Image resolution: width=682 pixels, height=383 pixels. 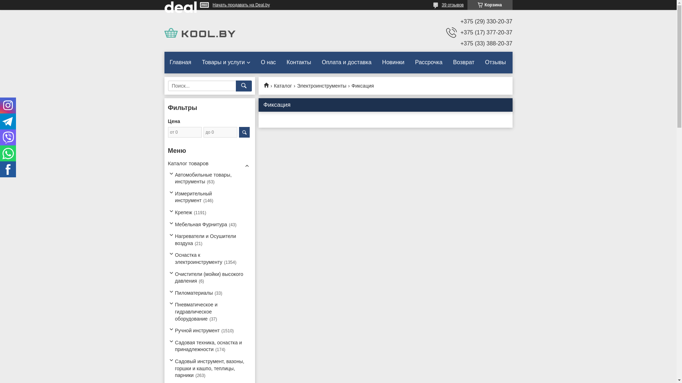 I want to click on 'KOOL.BY', so click(x=163, y=32).